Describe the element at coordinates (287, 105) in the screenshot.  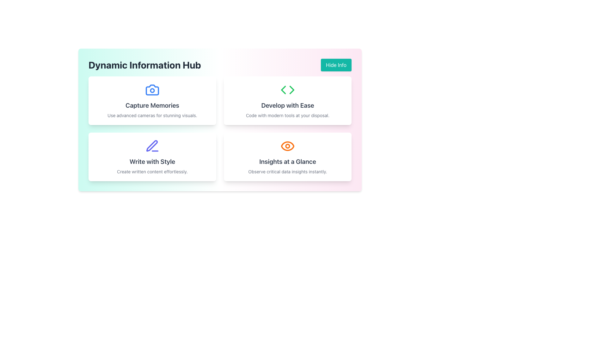
I see `text label located in the top-right card of the grid, which serves as a title or heading summarizing its purpose or theme` at that location.